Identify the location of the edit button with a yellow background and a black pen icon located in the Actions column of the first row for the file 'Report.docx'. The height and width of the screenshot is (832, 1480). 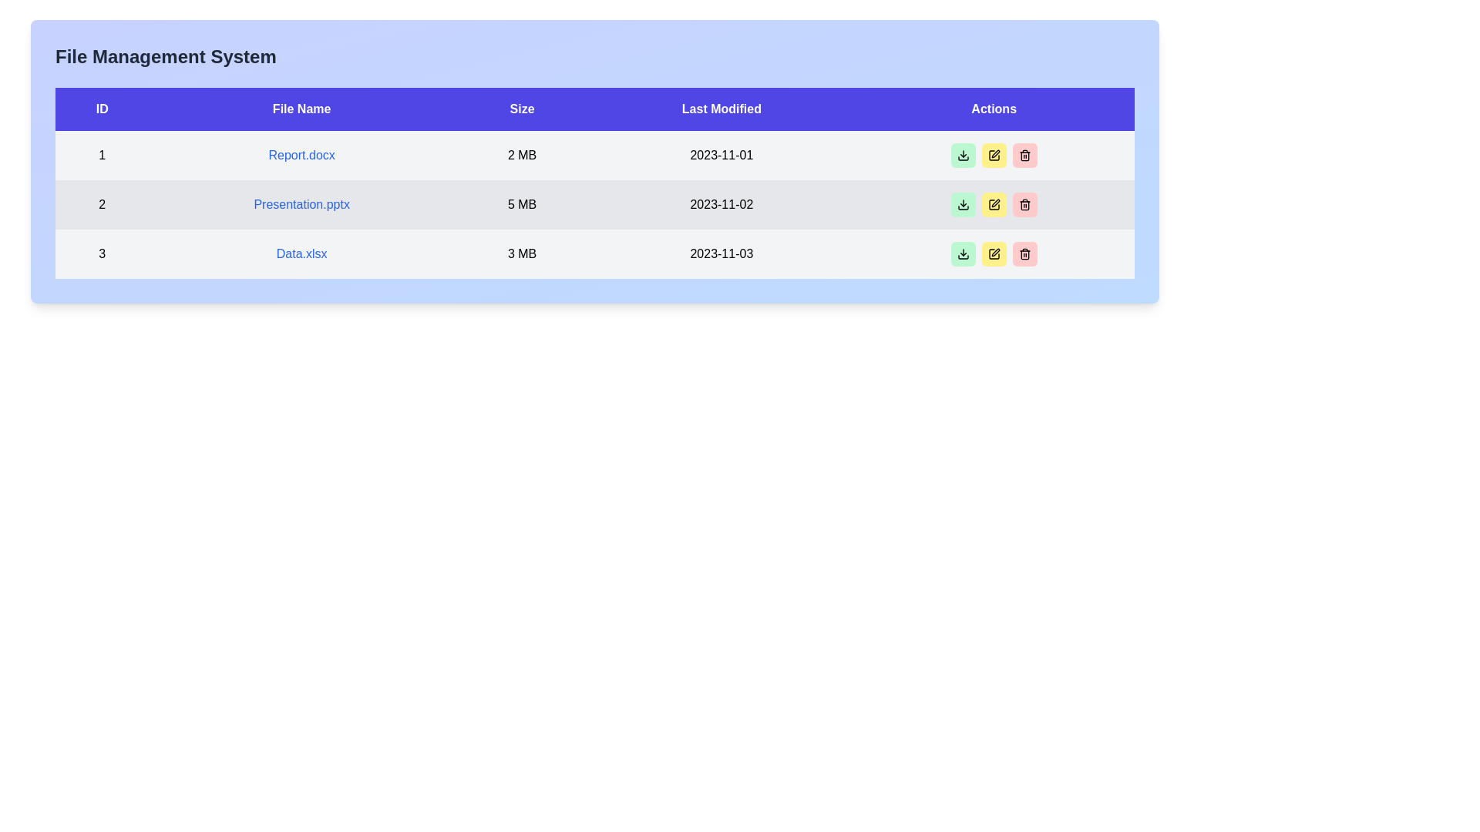
(994, 155).